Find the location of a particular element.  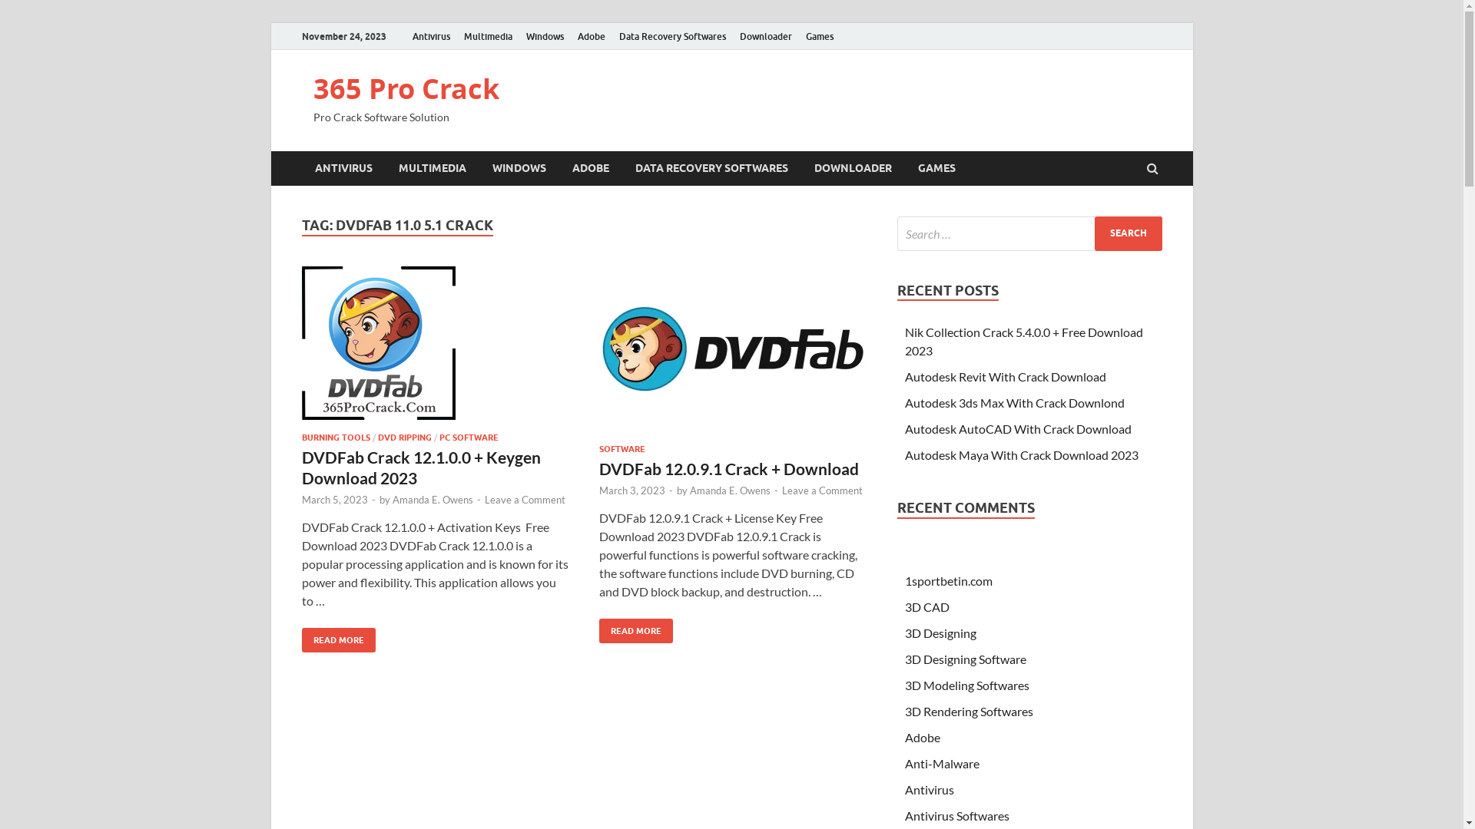

'3D Designing' is located at coordinates (940, 632).